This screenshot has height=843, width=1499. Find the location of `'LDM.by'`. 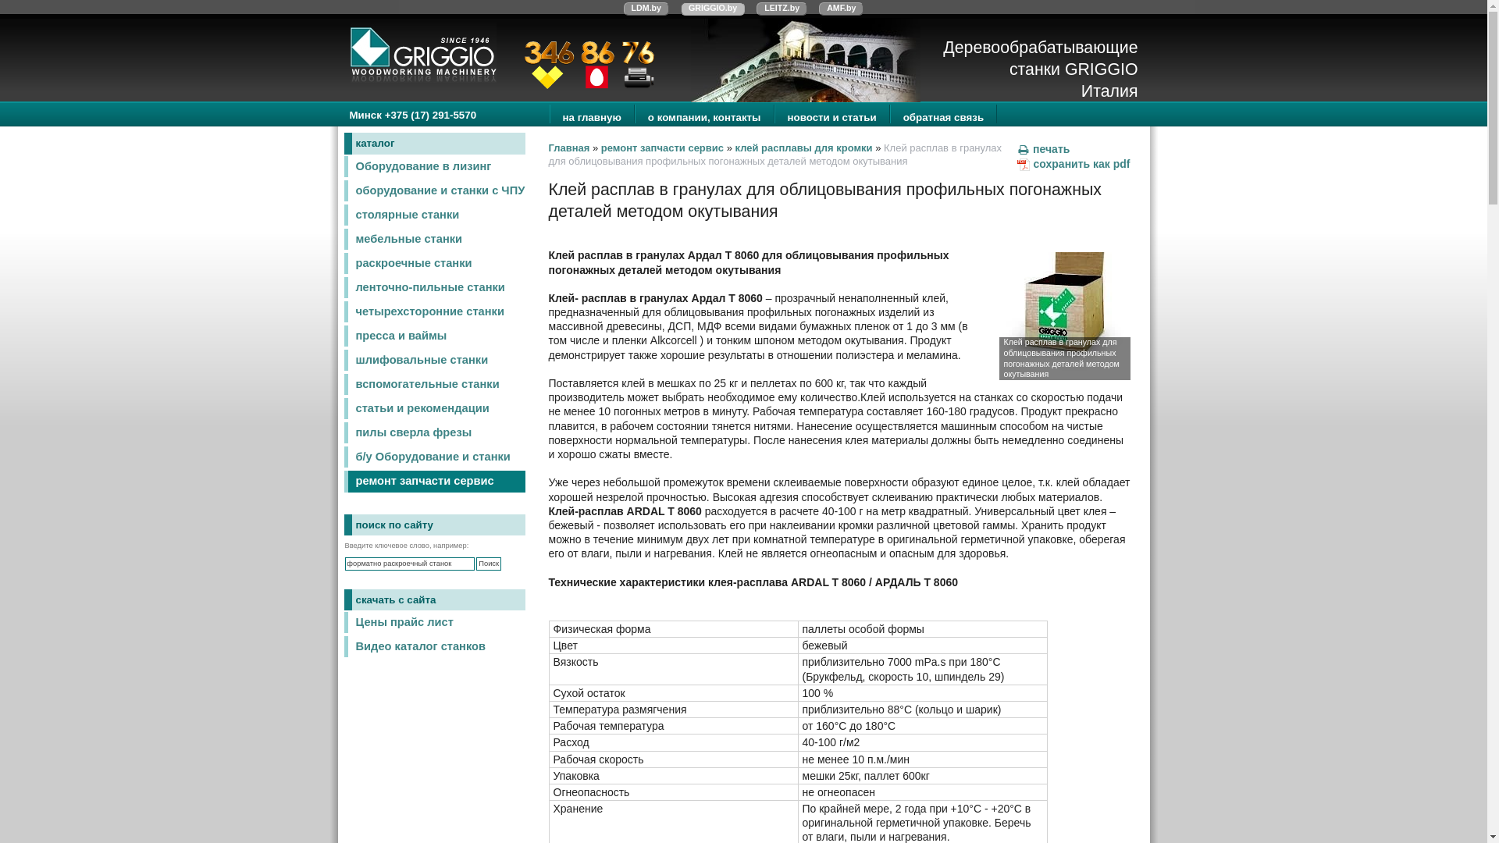

'LDM.by' is located at coordinates (646, 9).